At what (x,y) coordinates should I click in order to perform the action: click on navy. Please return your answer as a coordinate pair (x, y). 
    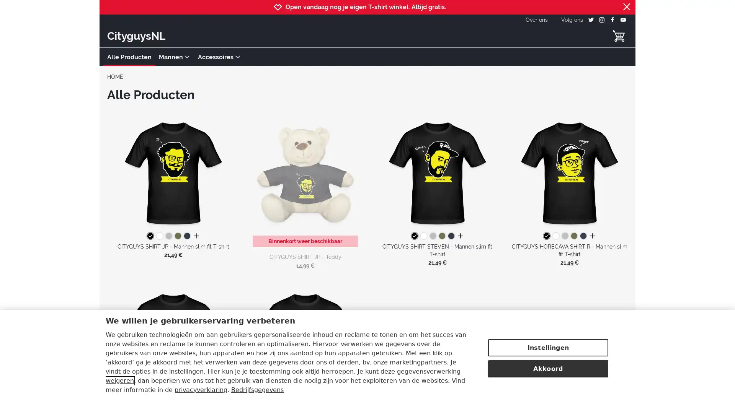
    Looking at the image, I should click on (187, 236).